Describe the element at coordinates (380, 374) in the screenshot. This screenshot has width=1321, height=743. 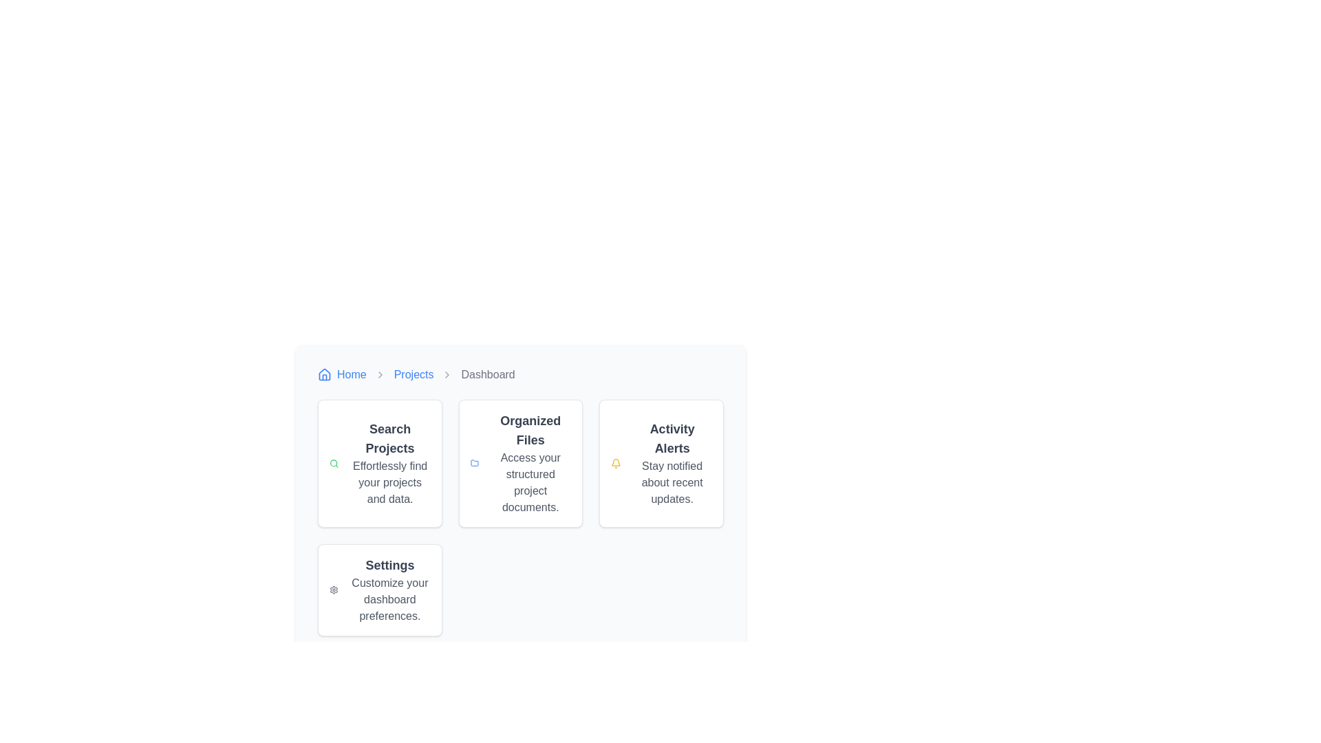
I see `the Breadcrumb navigation icon that indicates the transition between the 'Home' and 'Projects' sections in the breadcrumb navigation` at that location.